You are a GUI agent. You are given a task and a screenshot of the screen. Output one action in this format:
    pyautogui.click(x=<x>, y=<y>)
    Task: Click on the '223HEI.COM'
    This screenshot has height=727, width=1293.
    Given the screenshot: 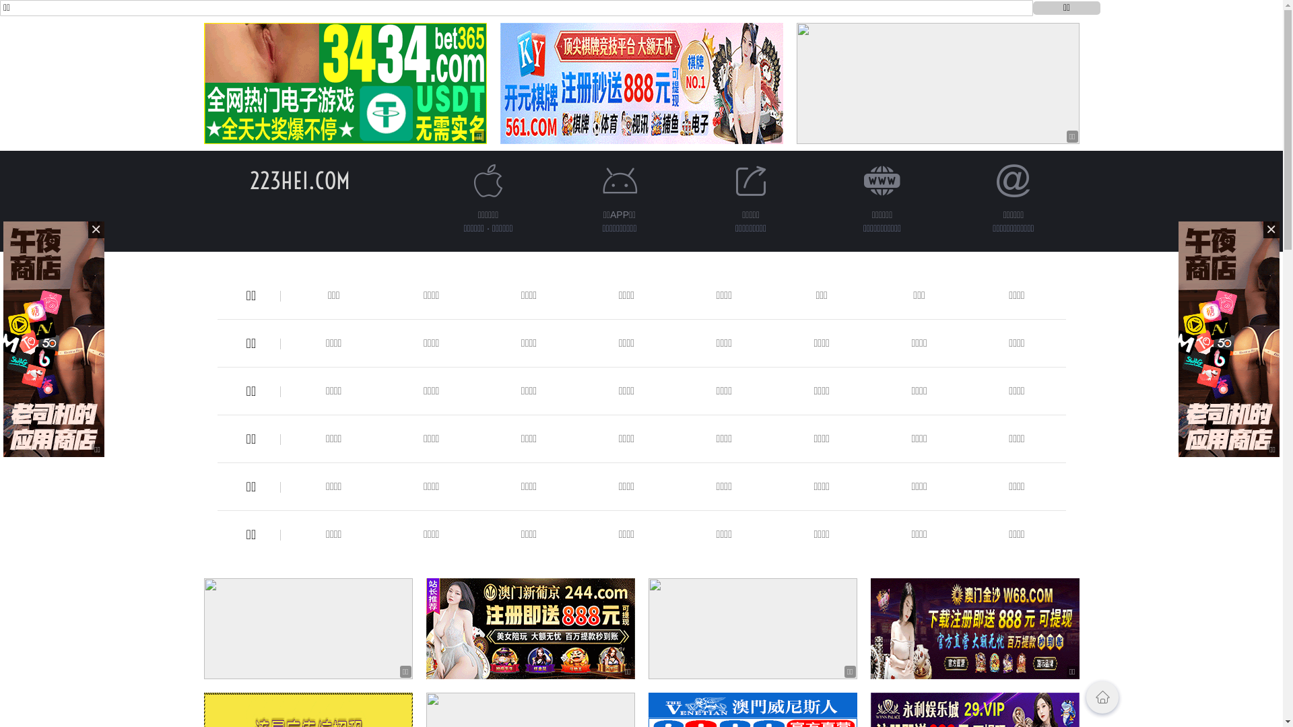 What is the action you would take?
    pyautogui.click(x=299, y=180)
    